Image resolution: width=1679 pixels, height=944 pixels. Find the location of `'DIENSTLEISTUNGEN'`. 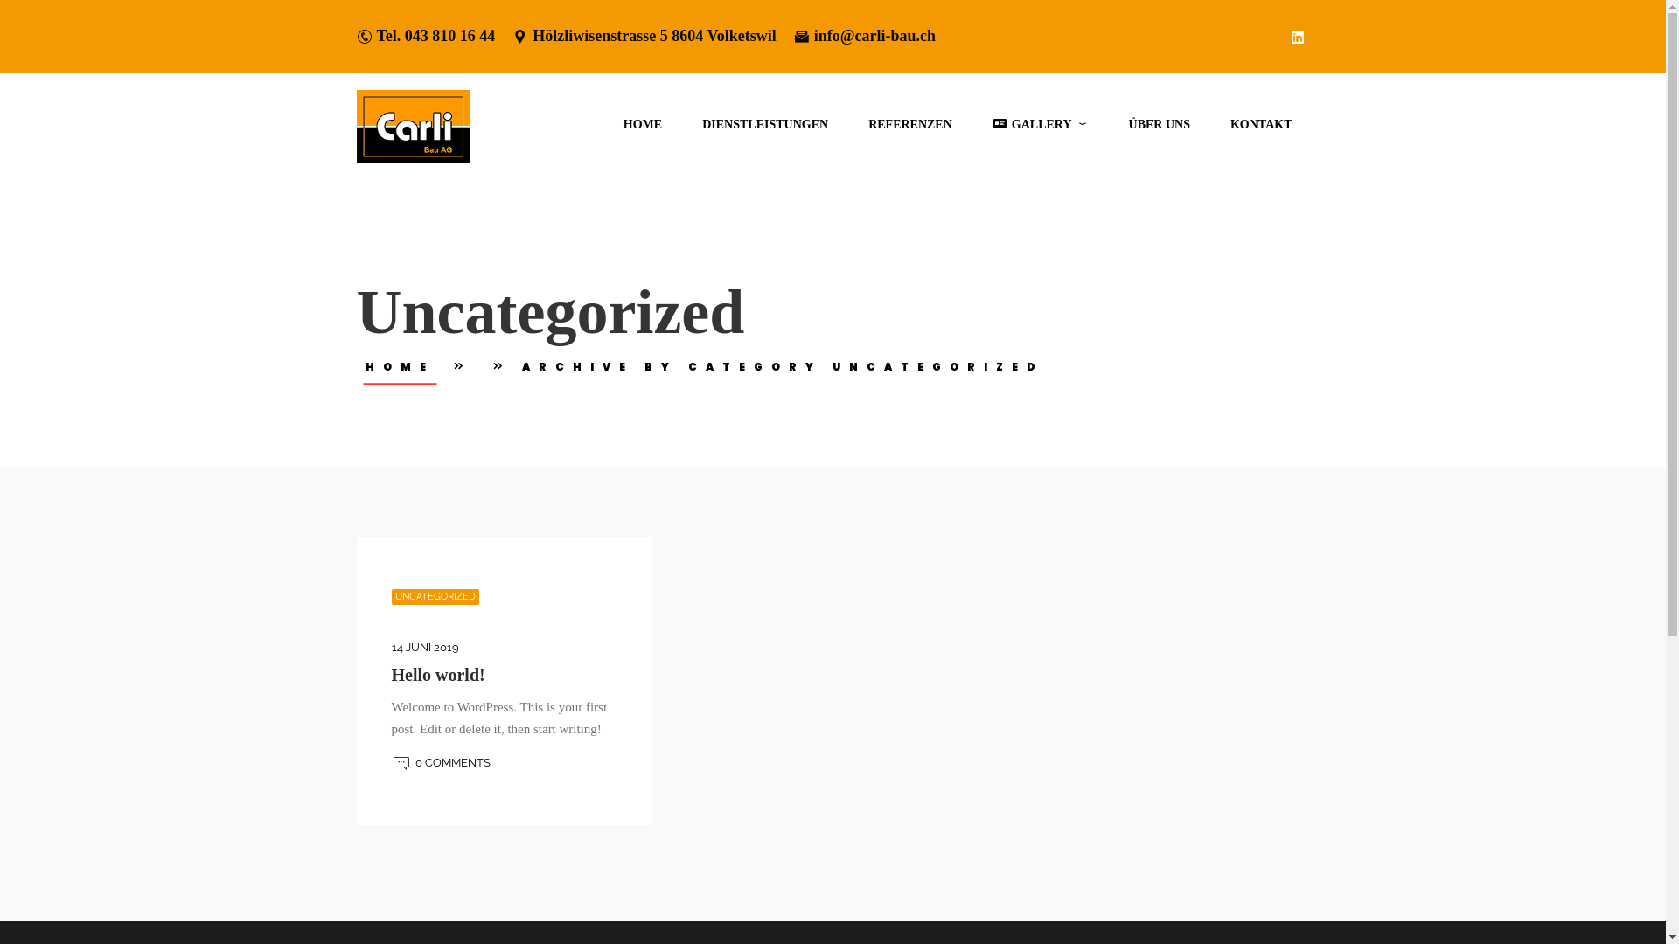

'DIENSTLEISTUNGEN' is located at coordinates (764, 123).